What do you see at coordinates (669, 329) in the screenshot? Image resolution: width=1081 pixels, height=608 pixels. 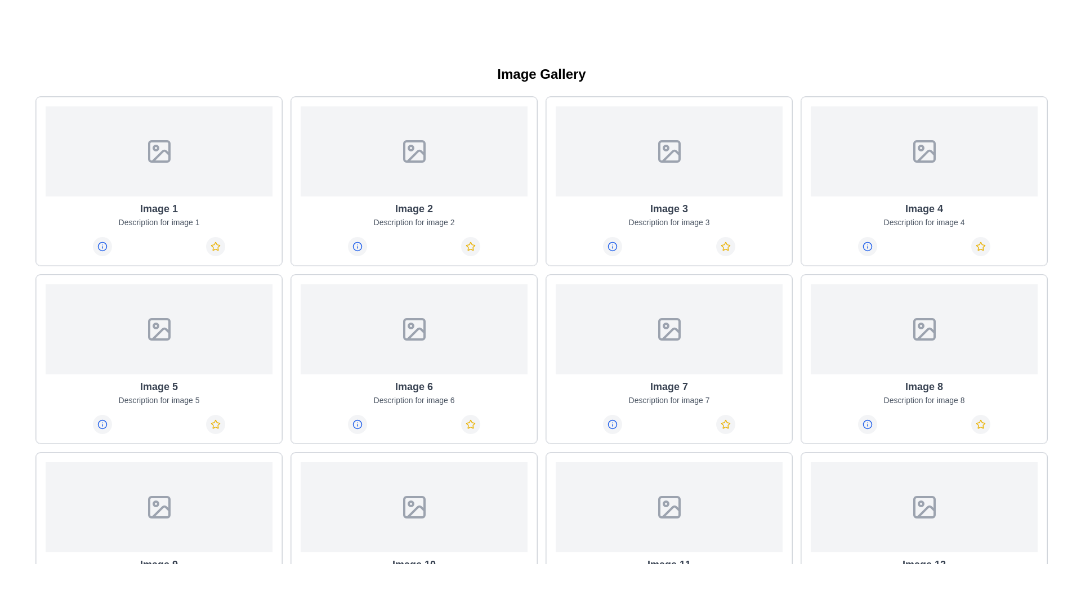 I see `the details of the Image placeholder icon located at the top center of the card labeled 'Image 7' within a grid layout` at bounding box center [669, 329].